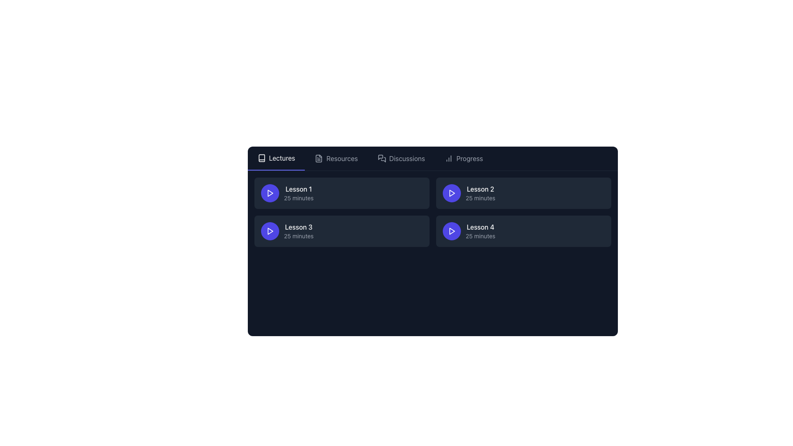 The height and width of the screenshot is (446, 793). Describe the element at coordinates (401, 159) in the screenshot. I see `to select the 'Discussions' tab, which is the third item in the navigation bar located at the top of the interface` at that location.